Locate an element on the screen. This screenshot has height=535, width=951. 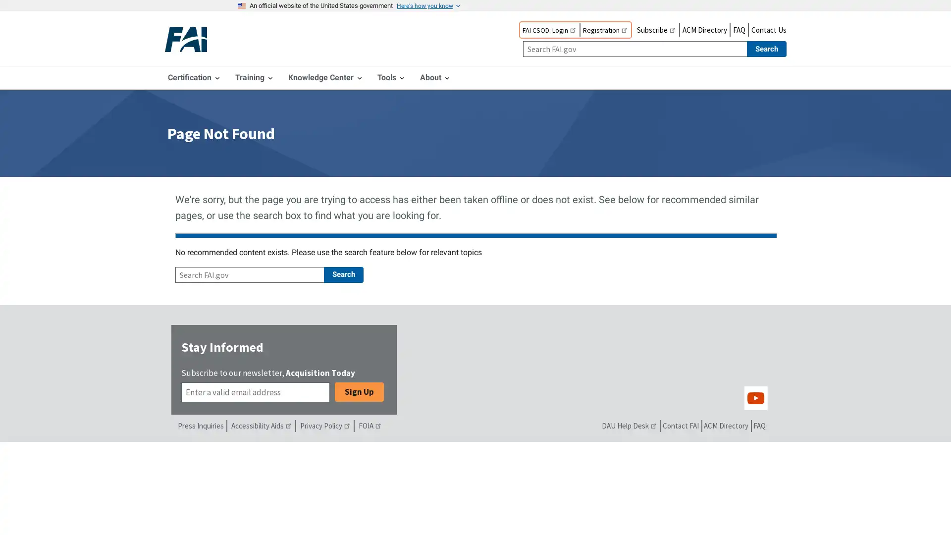
Here's how you know is located at coordinates (425, 5).